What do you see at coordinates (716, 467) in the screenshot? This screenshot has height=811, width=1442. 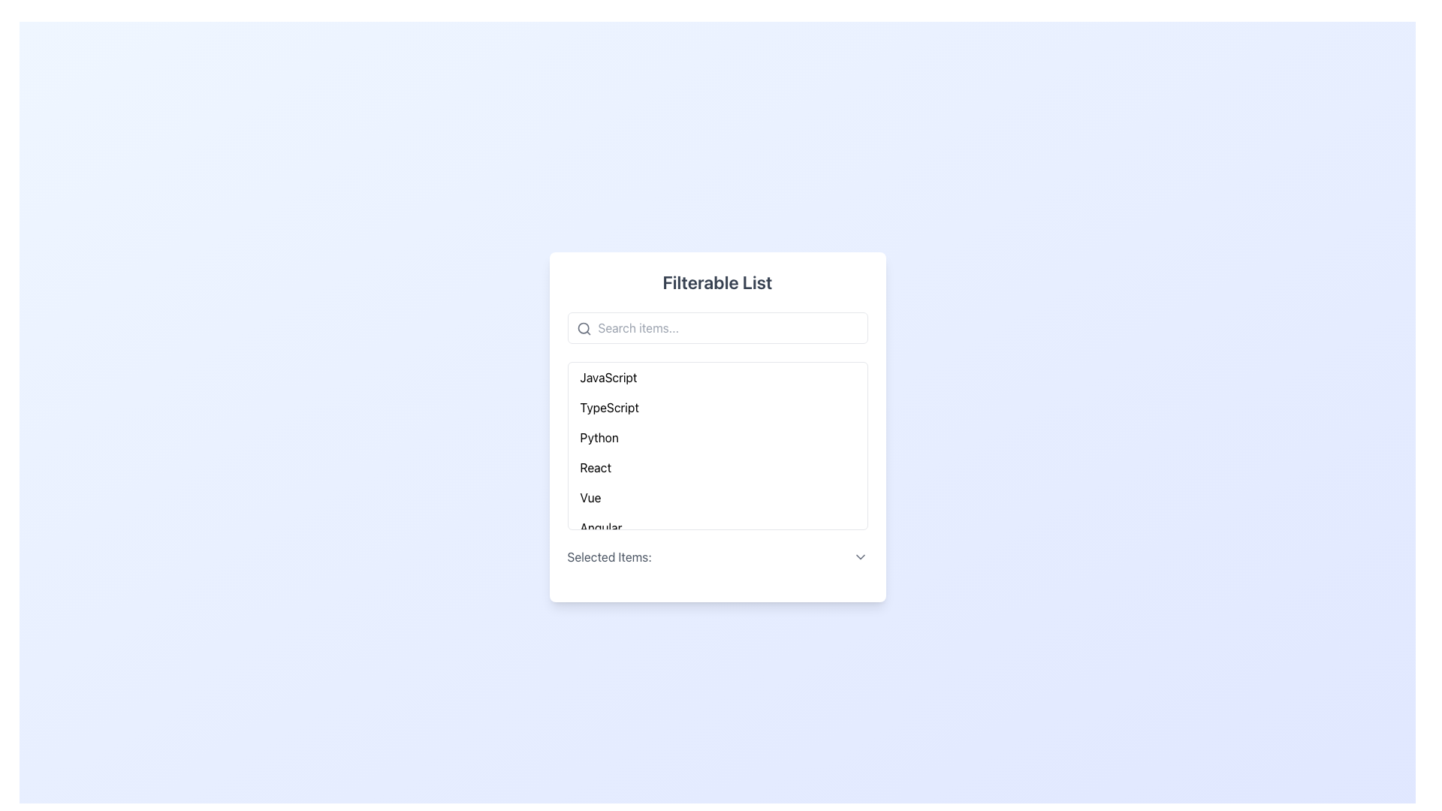 I see `the fourth item in the dropdown list representing the 'React' language, which is located between 'Python' and 'Vue'` at bounding box center [716, 467].